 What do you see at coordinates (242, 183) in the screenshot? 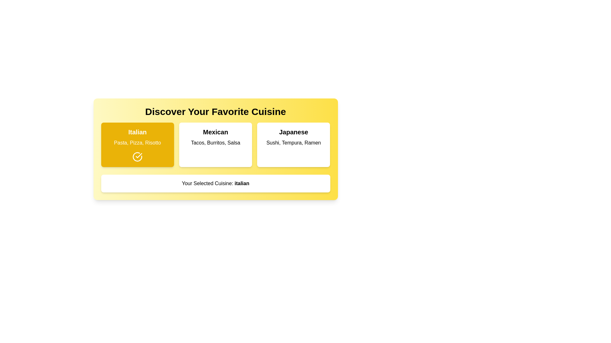
I see `the text 'italian' which is styled in bold typography and is part of the sentence 'Your Selected Cuisine: italian', located at the bottom of a yellow decorative interface box` at bounding box center [242, 183].